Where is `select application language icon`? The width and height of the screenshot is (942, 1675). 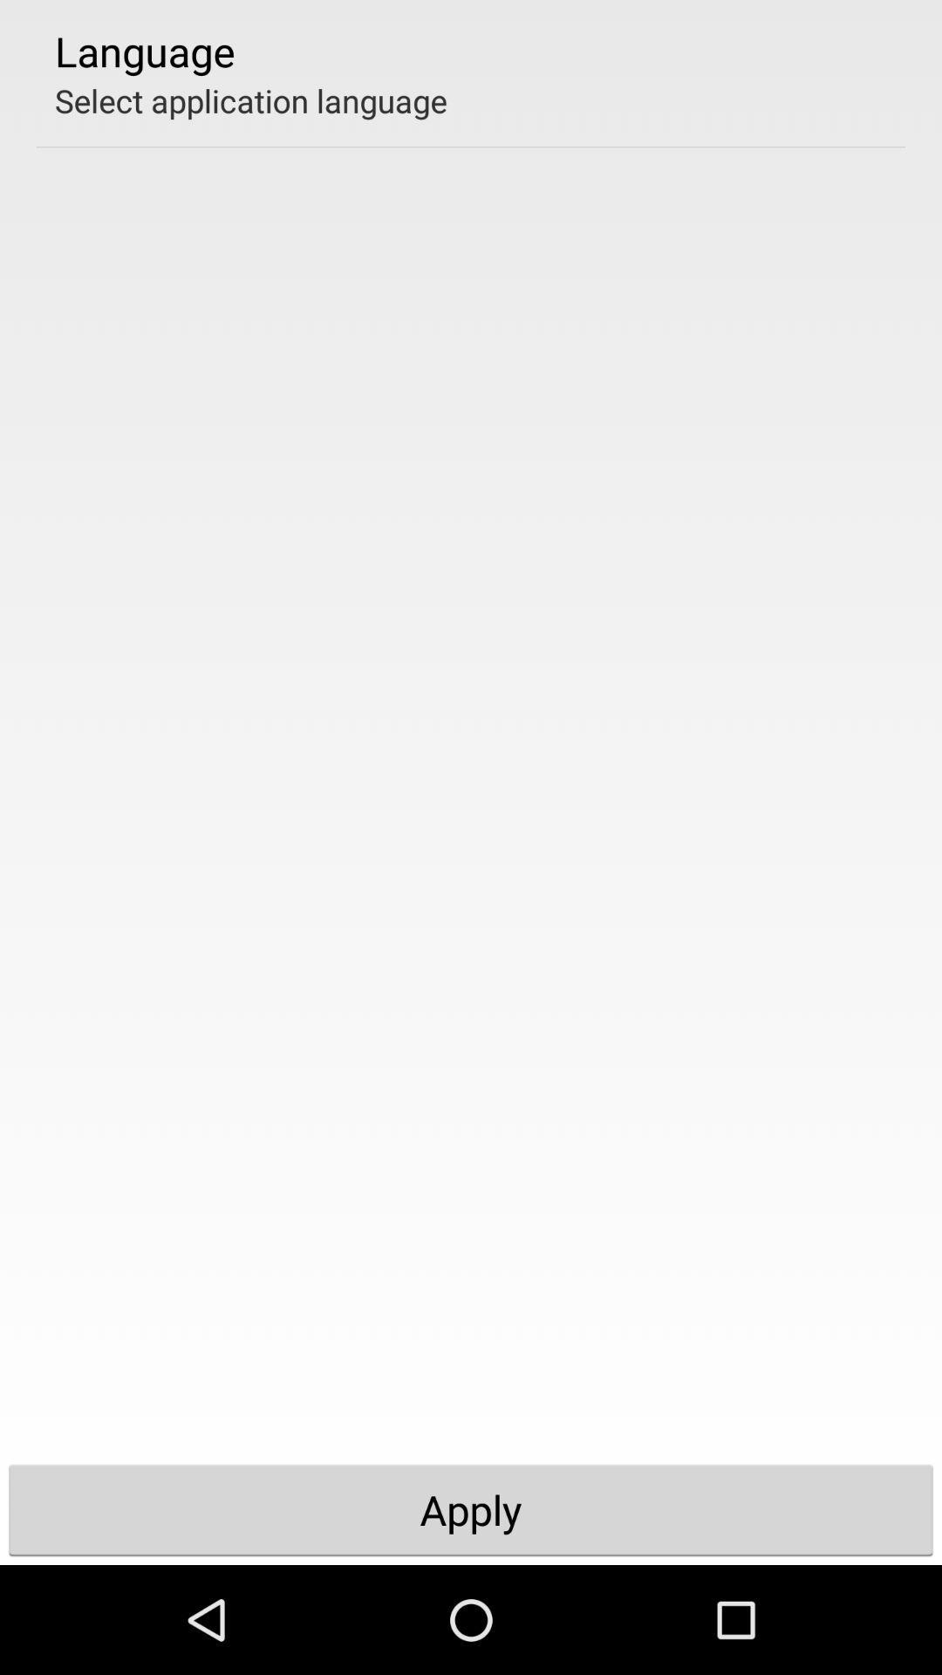 select application language icon is located at coordinates (251, 99).